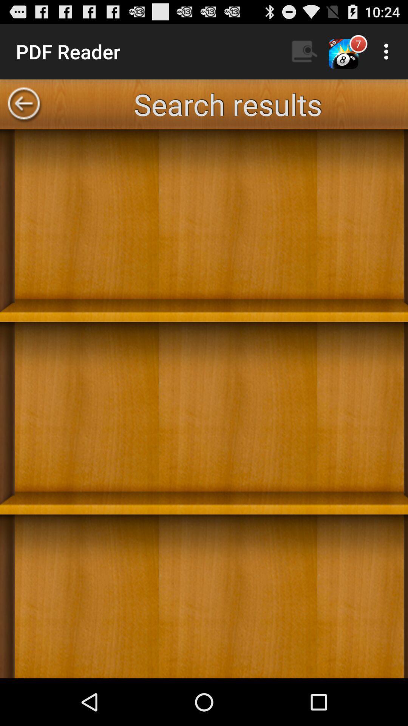 The image size is (408, 726). I want to click on item above search results item, so click(304, 51).